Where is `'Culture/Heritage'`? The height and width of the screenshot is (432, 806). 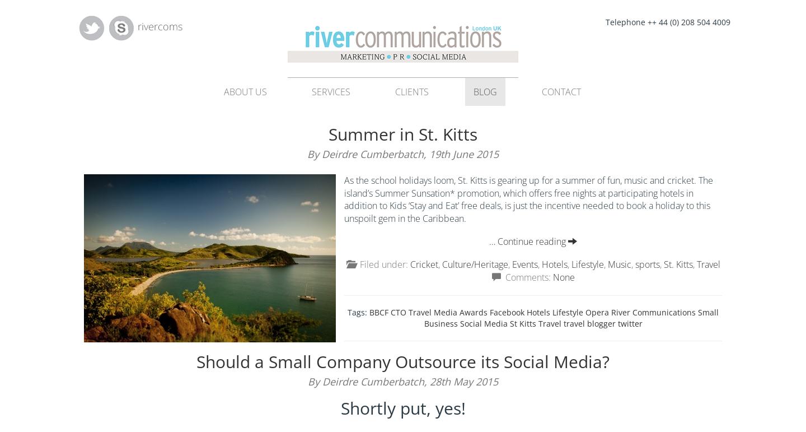
'Culture/Heritage' is located at coordinates (474, 264).